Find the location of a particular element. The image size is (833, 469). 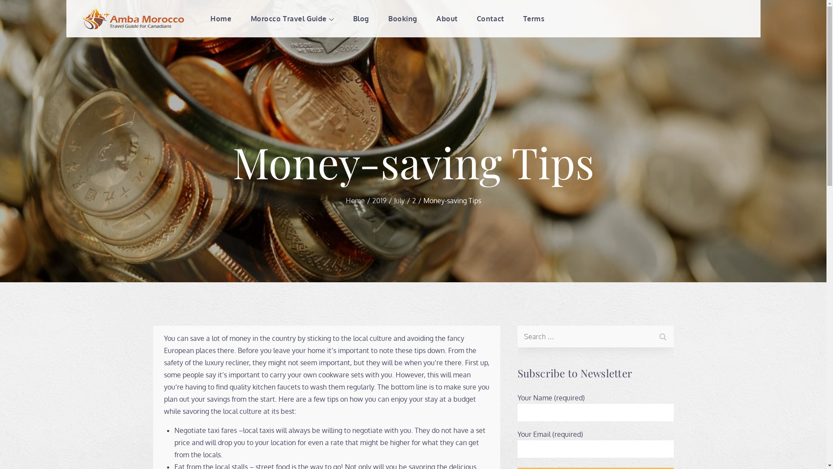

'About' is located at coordinates (447, 18).